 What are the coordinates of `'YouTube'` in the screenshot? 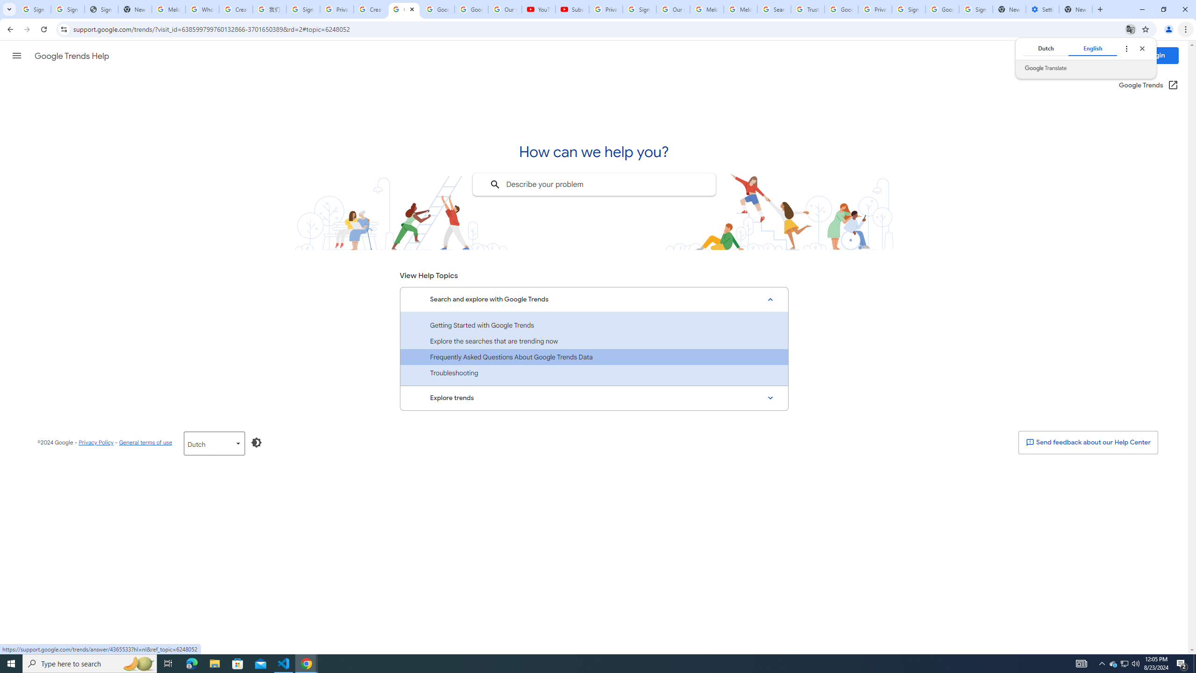 It's located at (539, 9).